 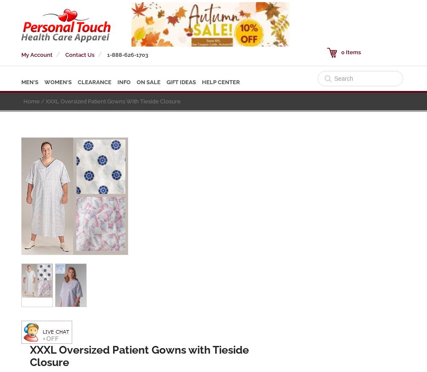 What do you see at coordinates (94, 82) in the screenshot?
I see `'CLEARANCE'` at bounding box center [94, 82].